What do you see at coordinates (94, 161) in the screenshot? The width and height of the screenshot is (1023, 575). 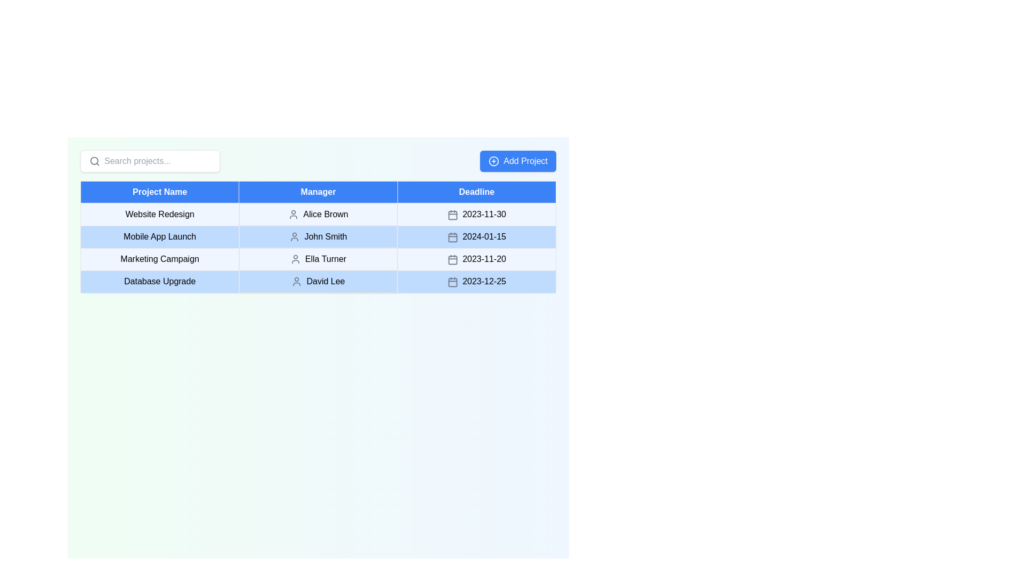 I see `the SVG circle element that represents the lens portion of the search icon, which is located to the left of the search bar` at bounding box center [94, 161].